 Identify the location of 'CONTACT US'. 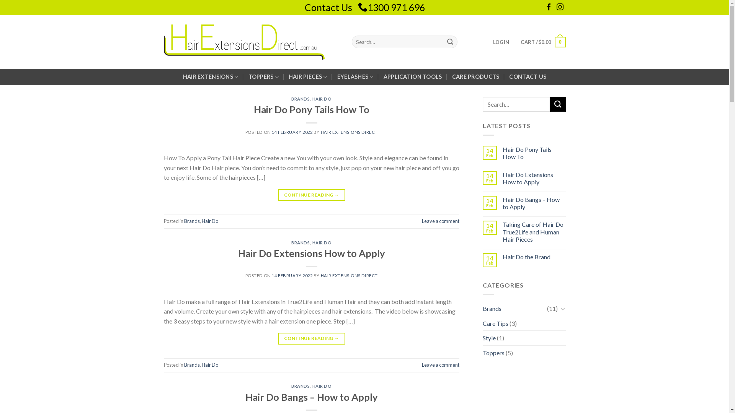
(527, 76).